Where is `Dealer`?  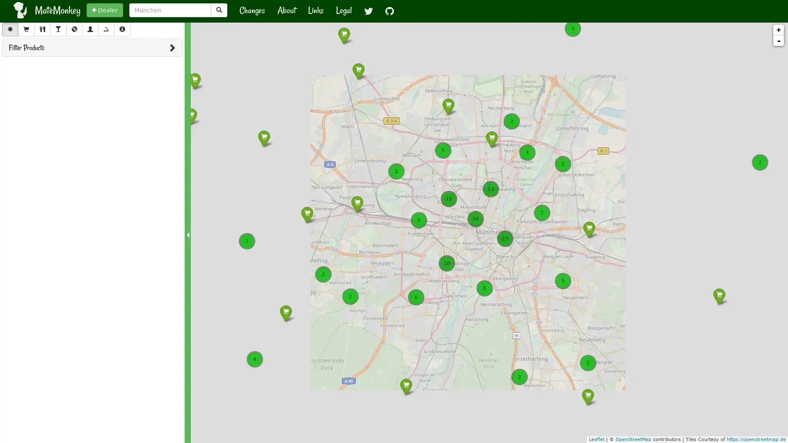
Dealer is located at coordinates (104, 10).